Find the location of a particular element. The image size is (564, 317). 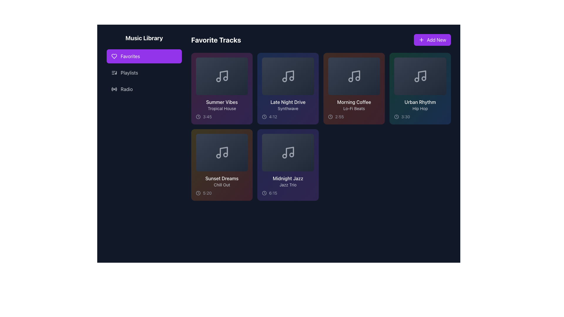

the icon located in the top-right corner of the 'Urban Rhythm' card to highlight it is located at coordinates (443, 61).